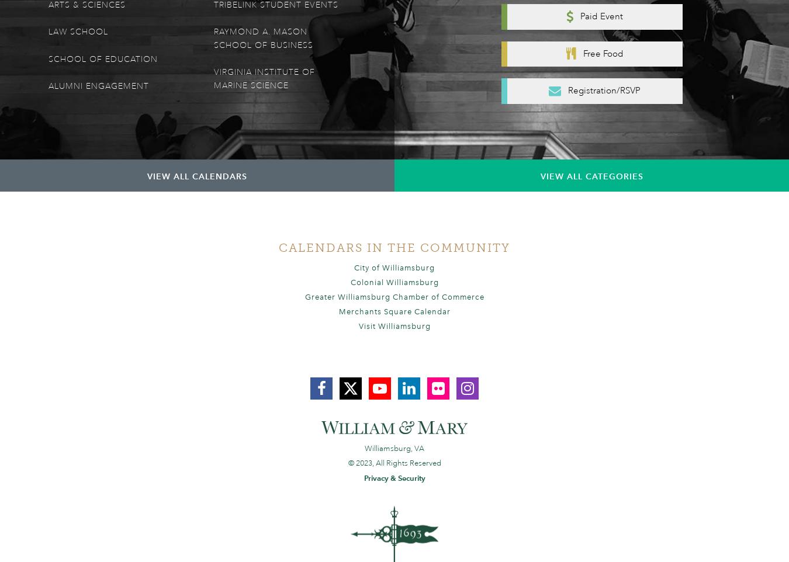 This screenshot has height=562, width=789. I want to click on 'Arts & Sciences', so click(87, 5).